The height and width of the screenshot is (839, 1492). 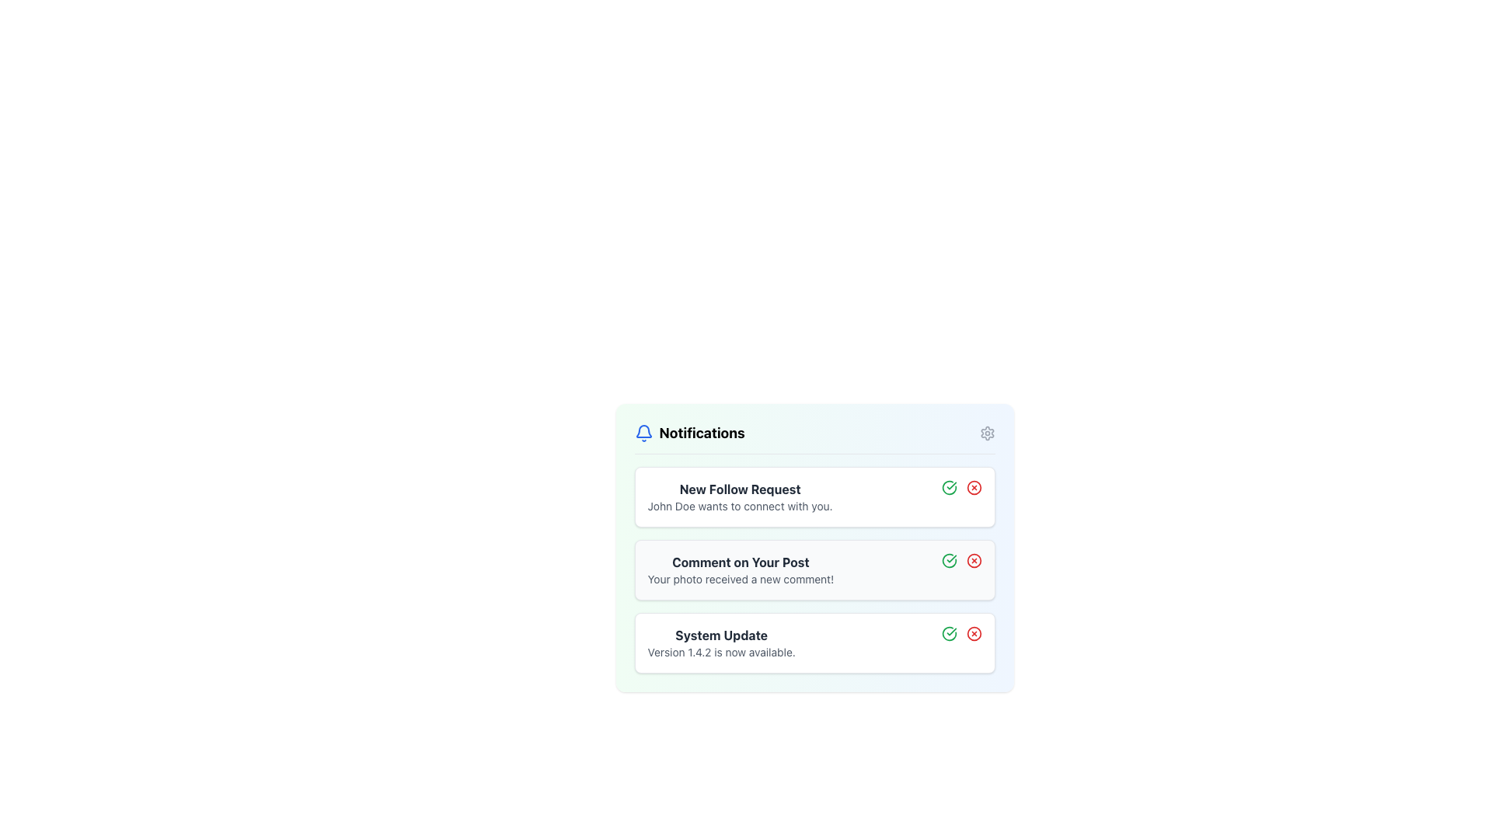 What do you see at coordinates (740, 569) in the screenshot?
I see `the text block titled 'Comment on Your Post' that displays the message 'Your photo received a new comment!' to acknowledge or open related content` at bounding box center [740, 569].